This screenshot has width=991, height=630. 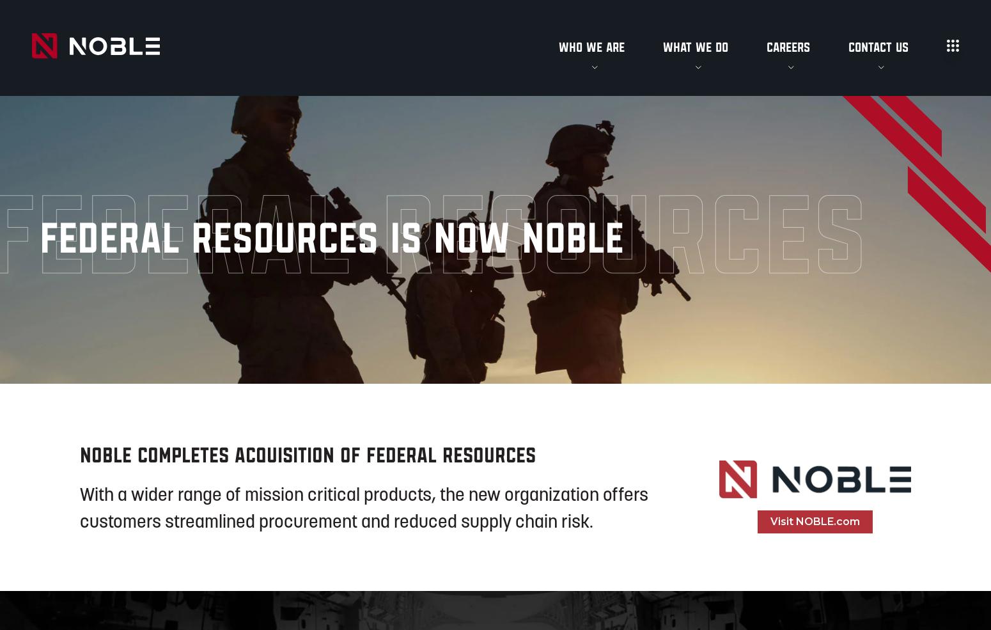 I want to click on 'Open
                                Positions', so click(x=788, y=95).